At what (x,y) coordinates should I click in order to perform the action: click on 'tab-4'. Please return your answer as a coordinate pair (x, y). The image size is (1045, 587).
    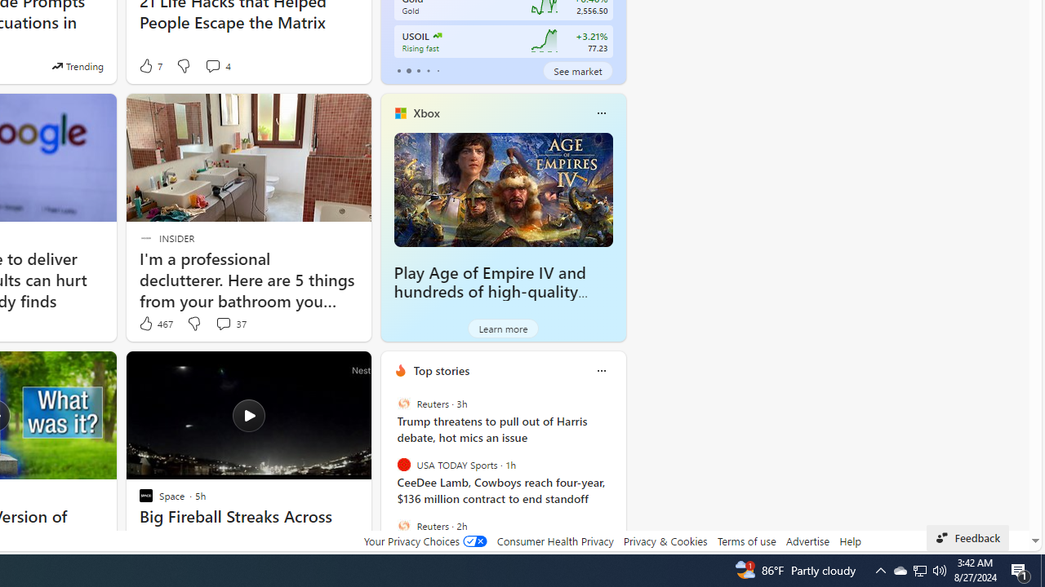
    Looking at the image, I should click on (438, 70).